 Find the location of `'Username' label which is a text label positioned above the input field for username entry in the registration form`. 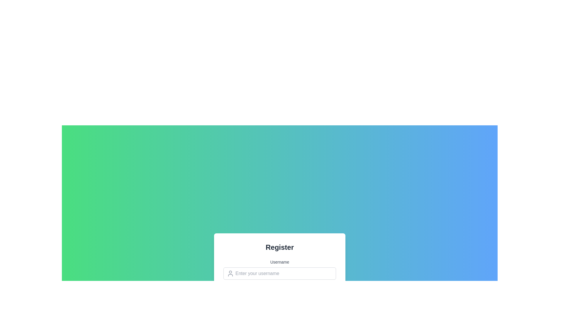

'Username' label which is a text label positioned above the input field for username entry in the registration form is located at coordinates (279, 262).